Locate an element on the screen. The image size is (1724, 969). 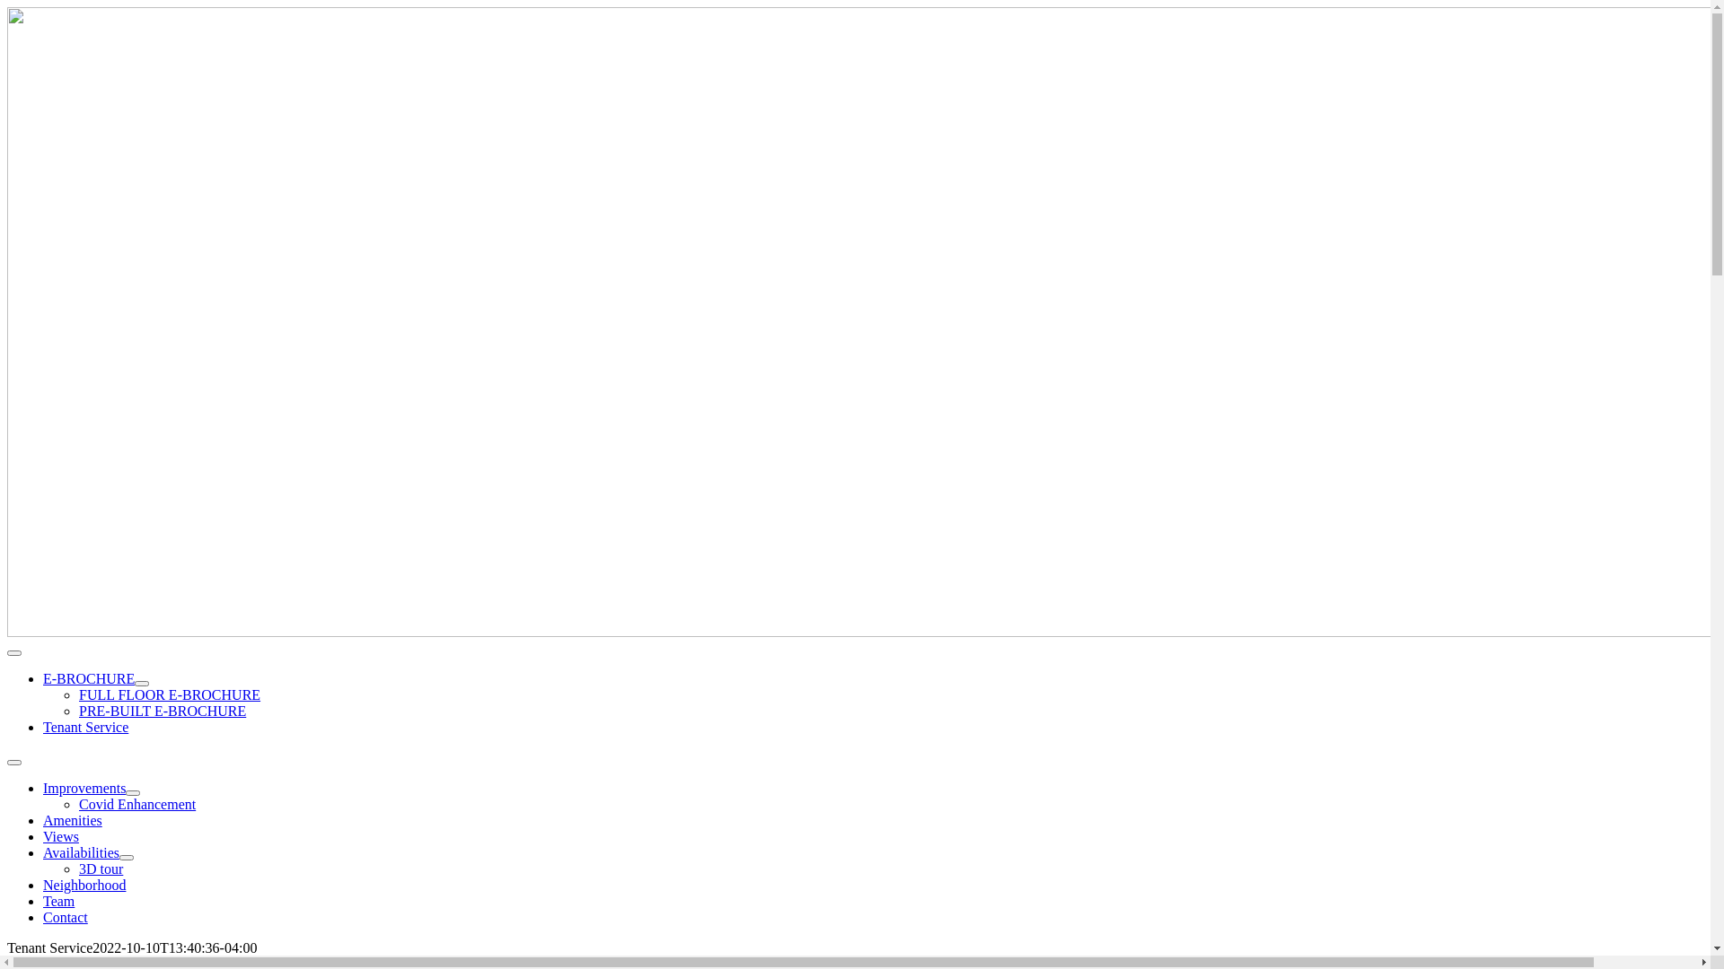
'Views' is located at coordinates (43, 836).